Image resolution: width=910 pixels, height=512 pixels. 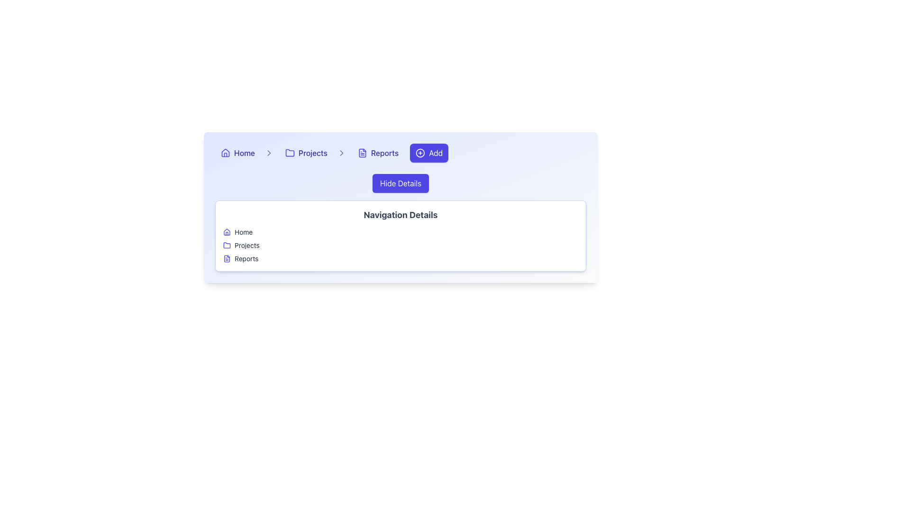 I want to click on the 'Projects' navigation link located in the horizontal navigation bar, so click(x=313, y=153).